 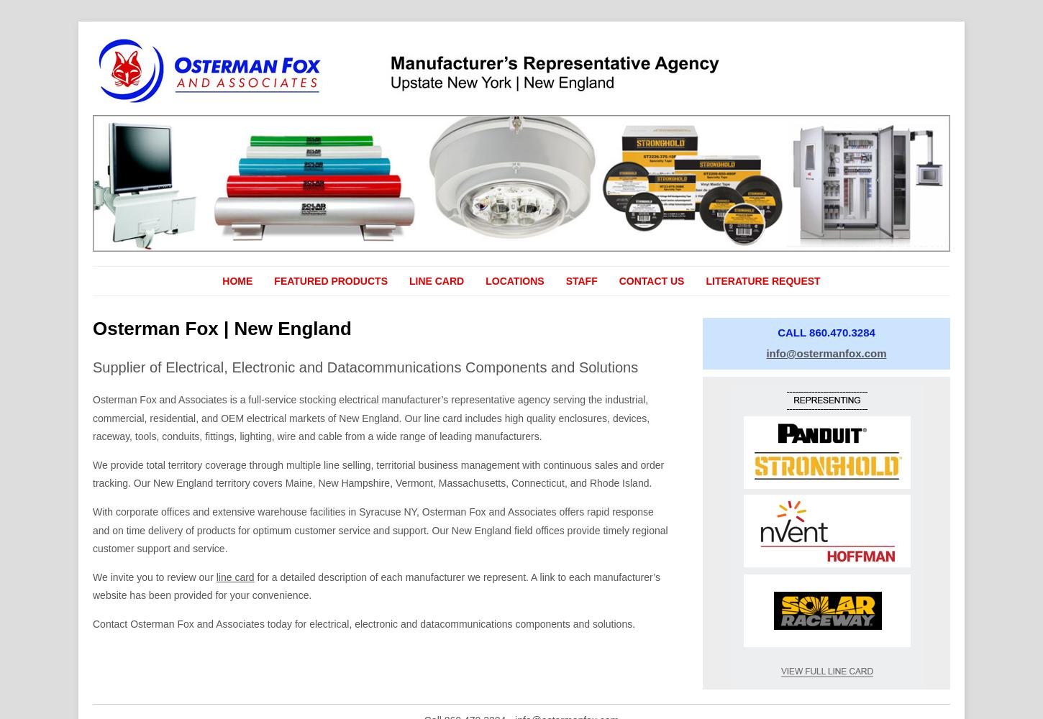 I want to click on 'Locations', so click(x=484, y=280).